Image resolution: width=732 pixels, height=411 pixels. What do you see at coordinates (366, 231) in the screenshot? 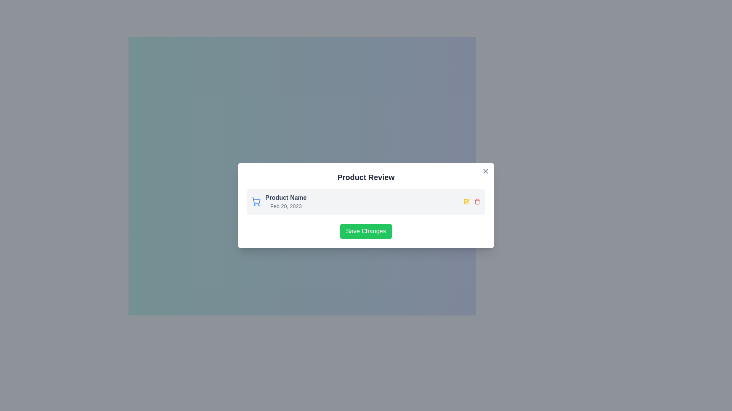
I see `the save changes button located at the bottom of the 'Product Review' modal window, which is directly below the product details section` at bounding box center [366, 231].